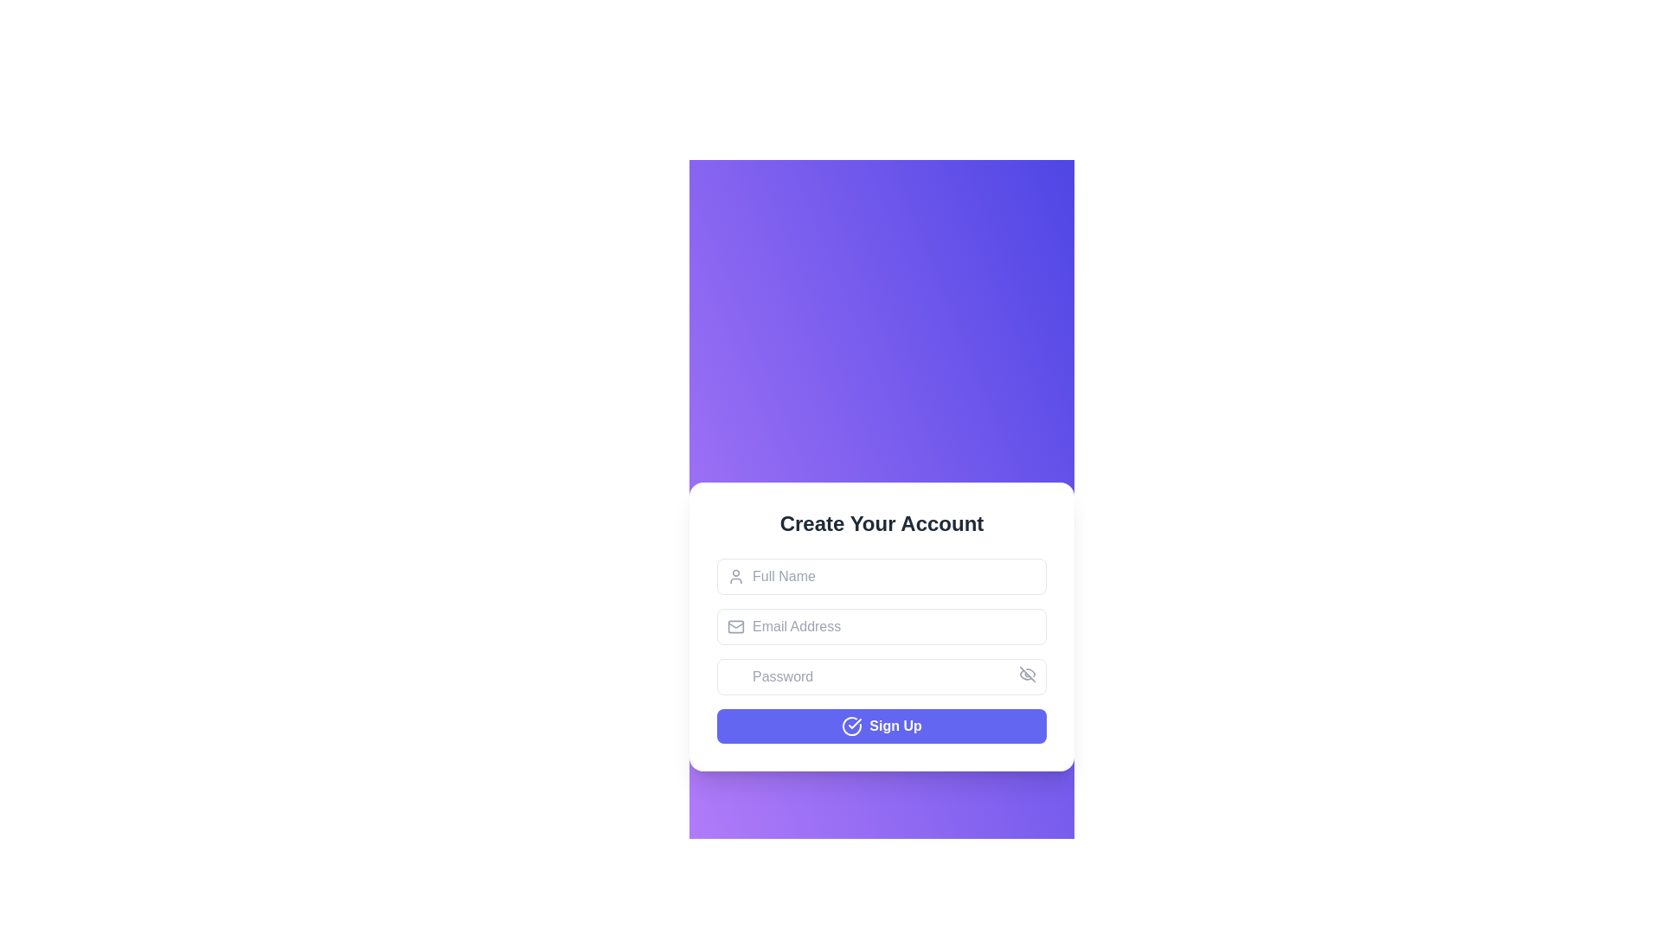  Describe the element at coordinates (852, 726) in the screenshot. I see `the decorative SVG graphic icon located on the left side of the text in the 'Sign Up' button` at that location.